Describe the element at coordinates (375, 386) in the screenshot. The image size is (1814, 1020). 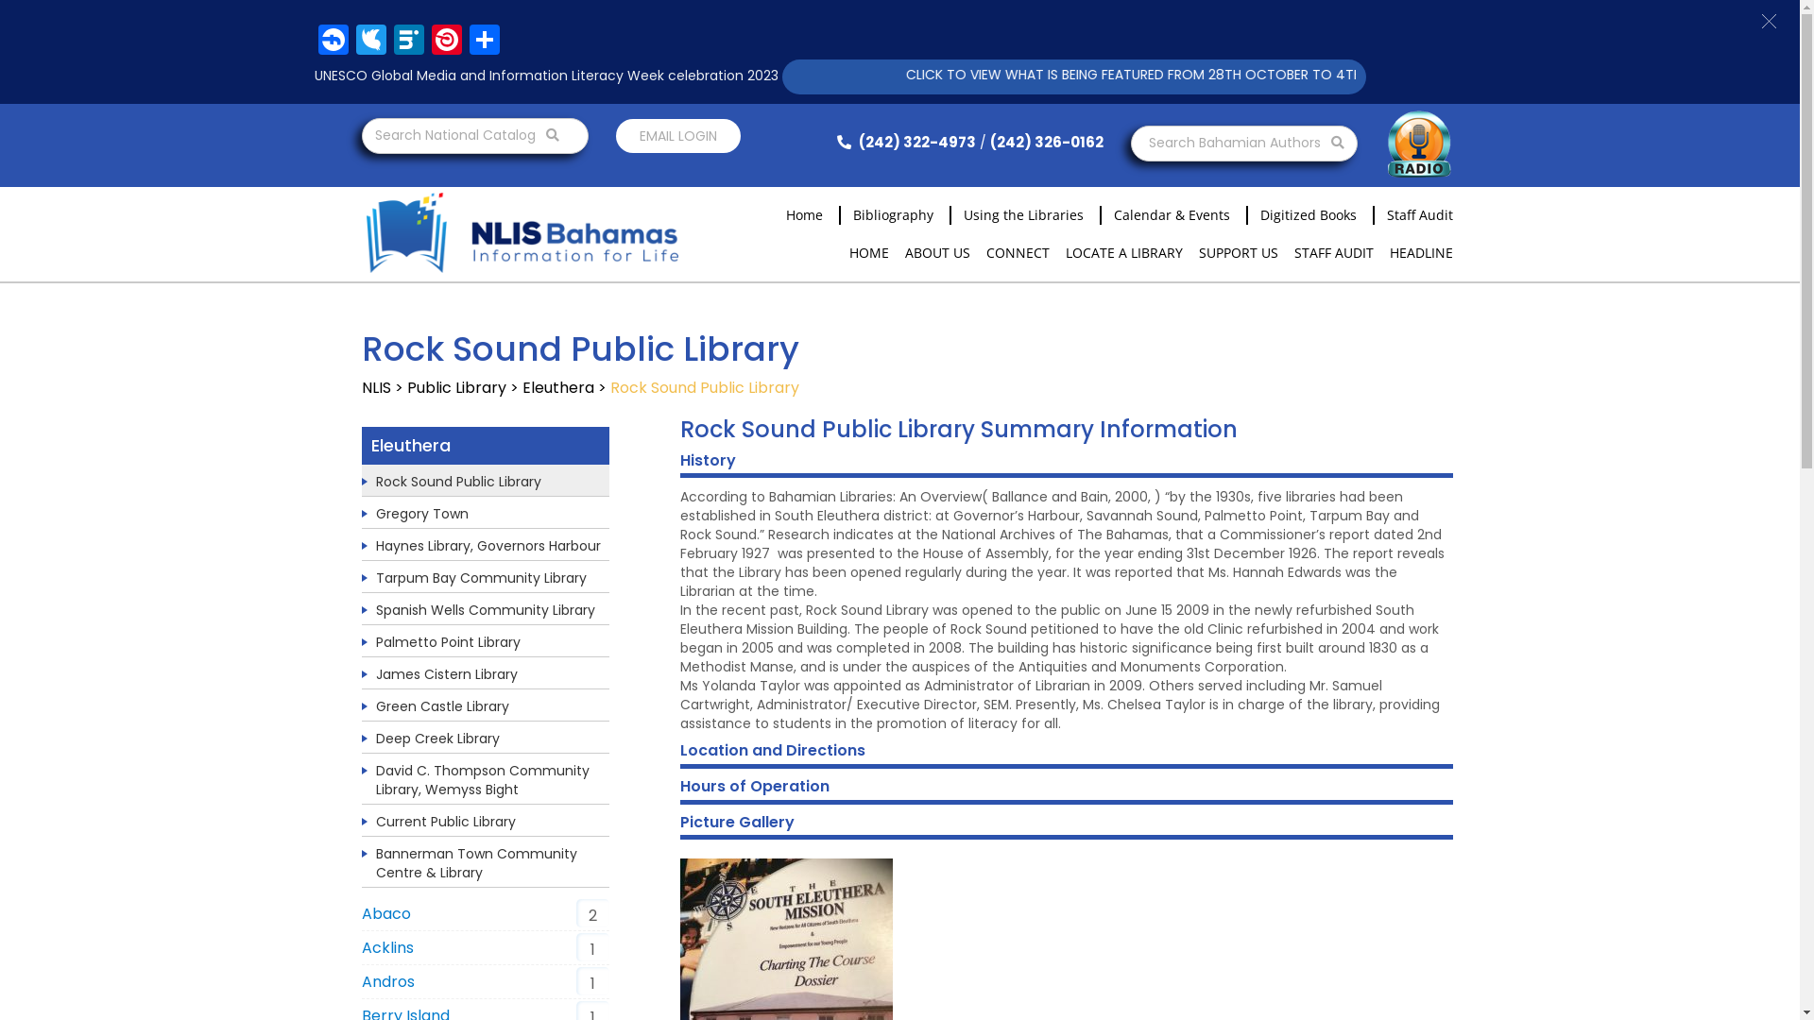
I see `'NLIS'` at that location.